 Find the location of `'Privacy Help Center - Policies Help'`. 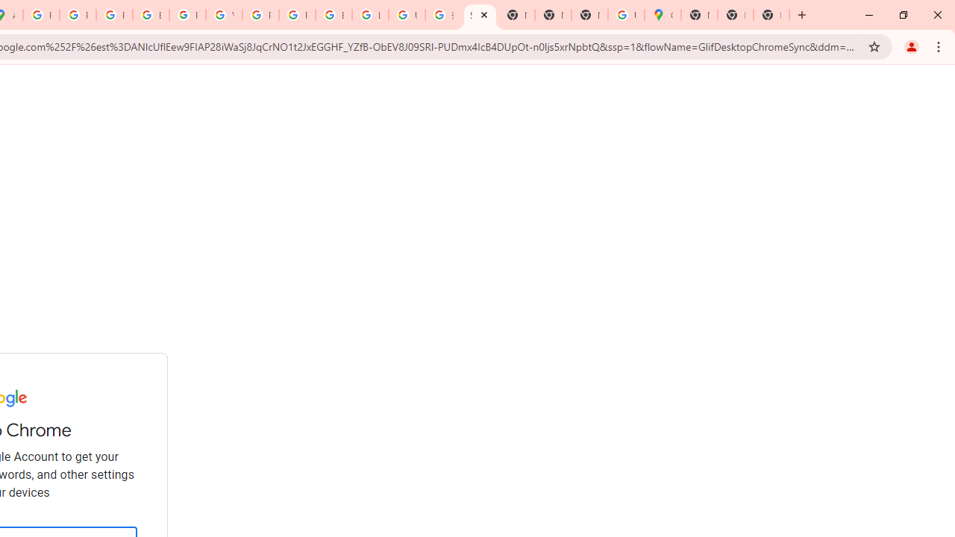

'Privacy Help Center - Policies Help' is located at coordinates (77, 15).